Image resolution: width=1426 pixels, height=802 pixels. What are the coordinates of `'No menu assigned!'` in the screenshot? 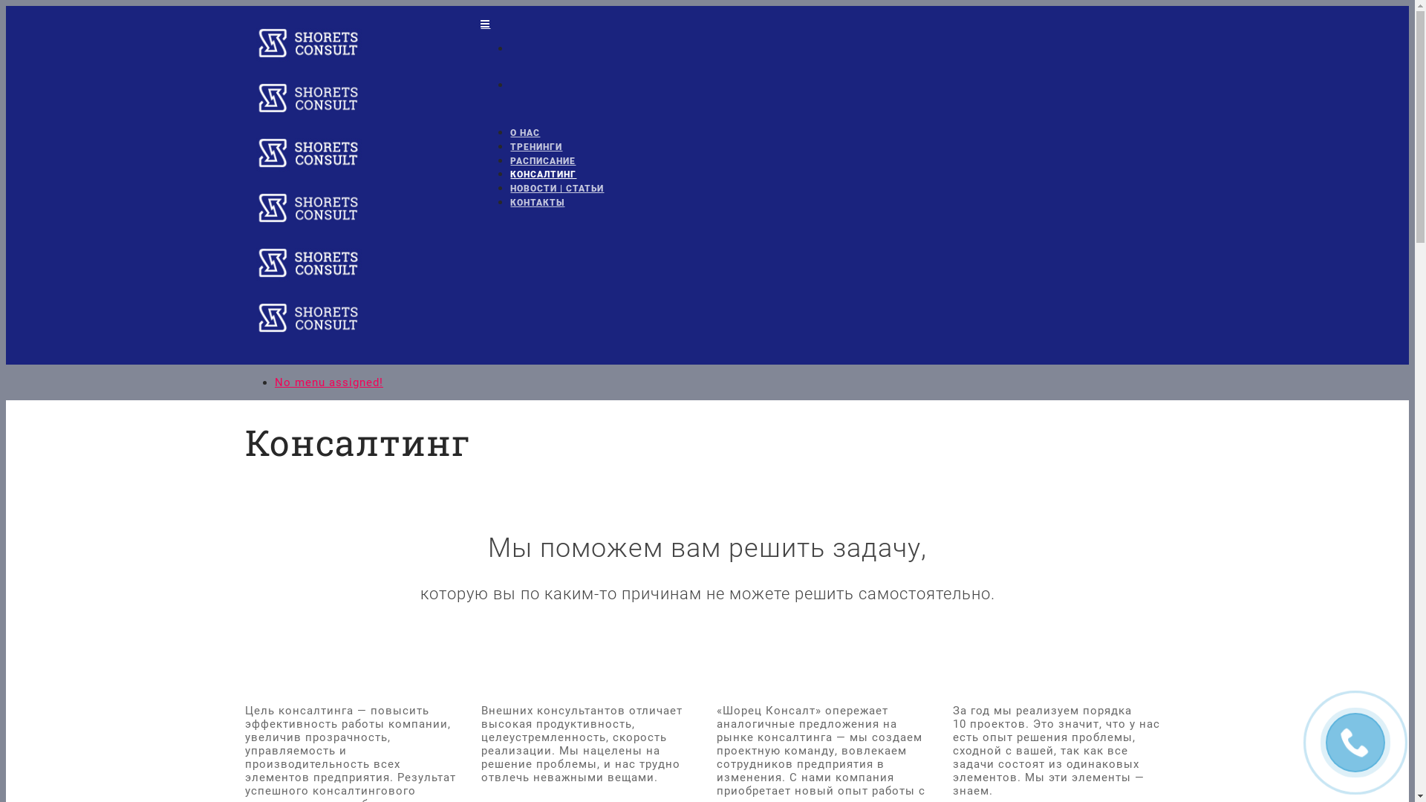 It's located at (328, 382).